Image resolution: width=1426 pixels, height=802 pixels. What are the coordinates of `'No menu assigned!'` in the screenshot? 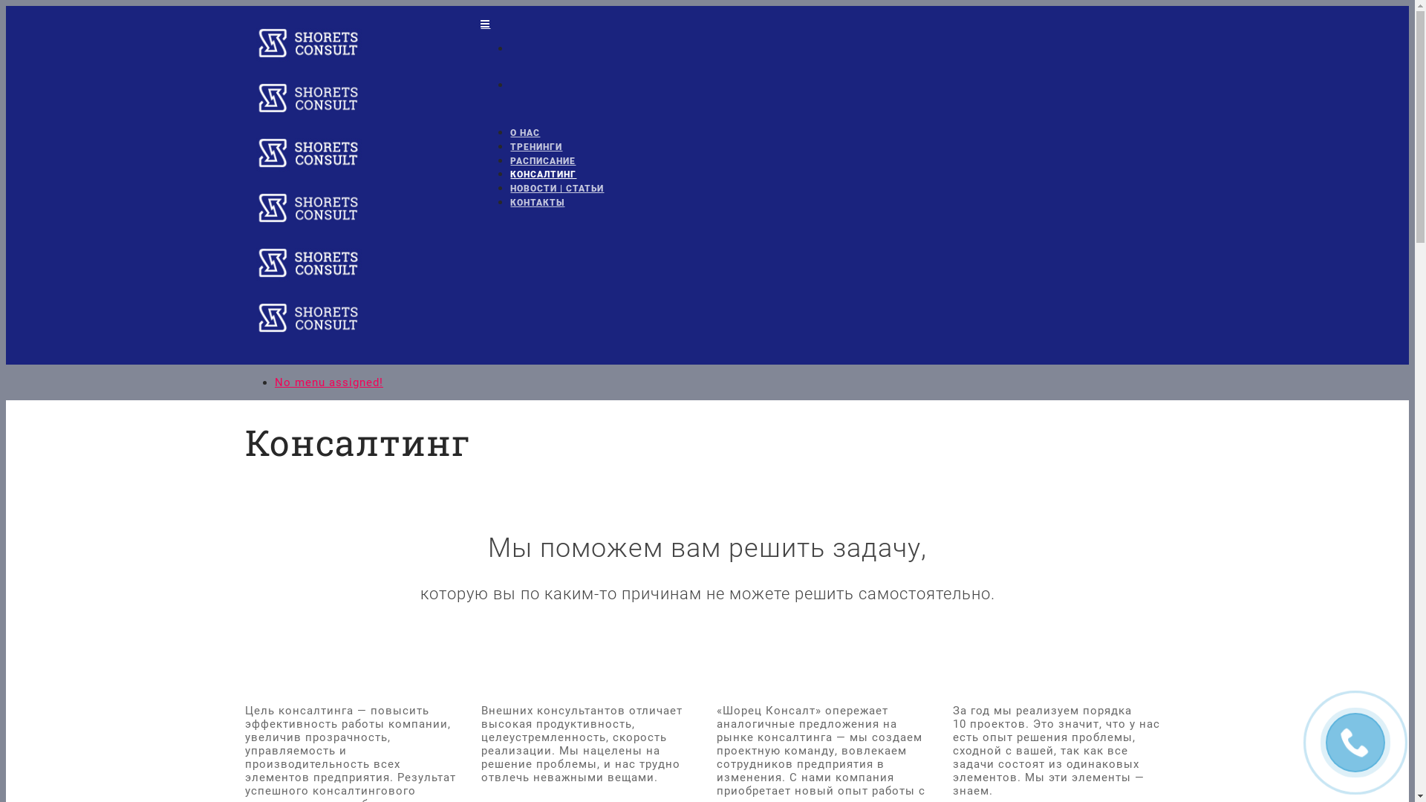 It's located at (328, 382).